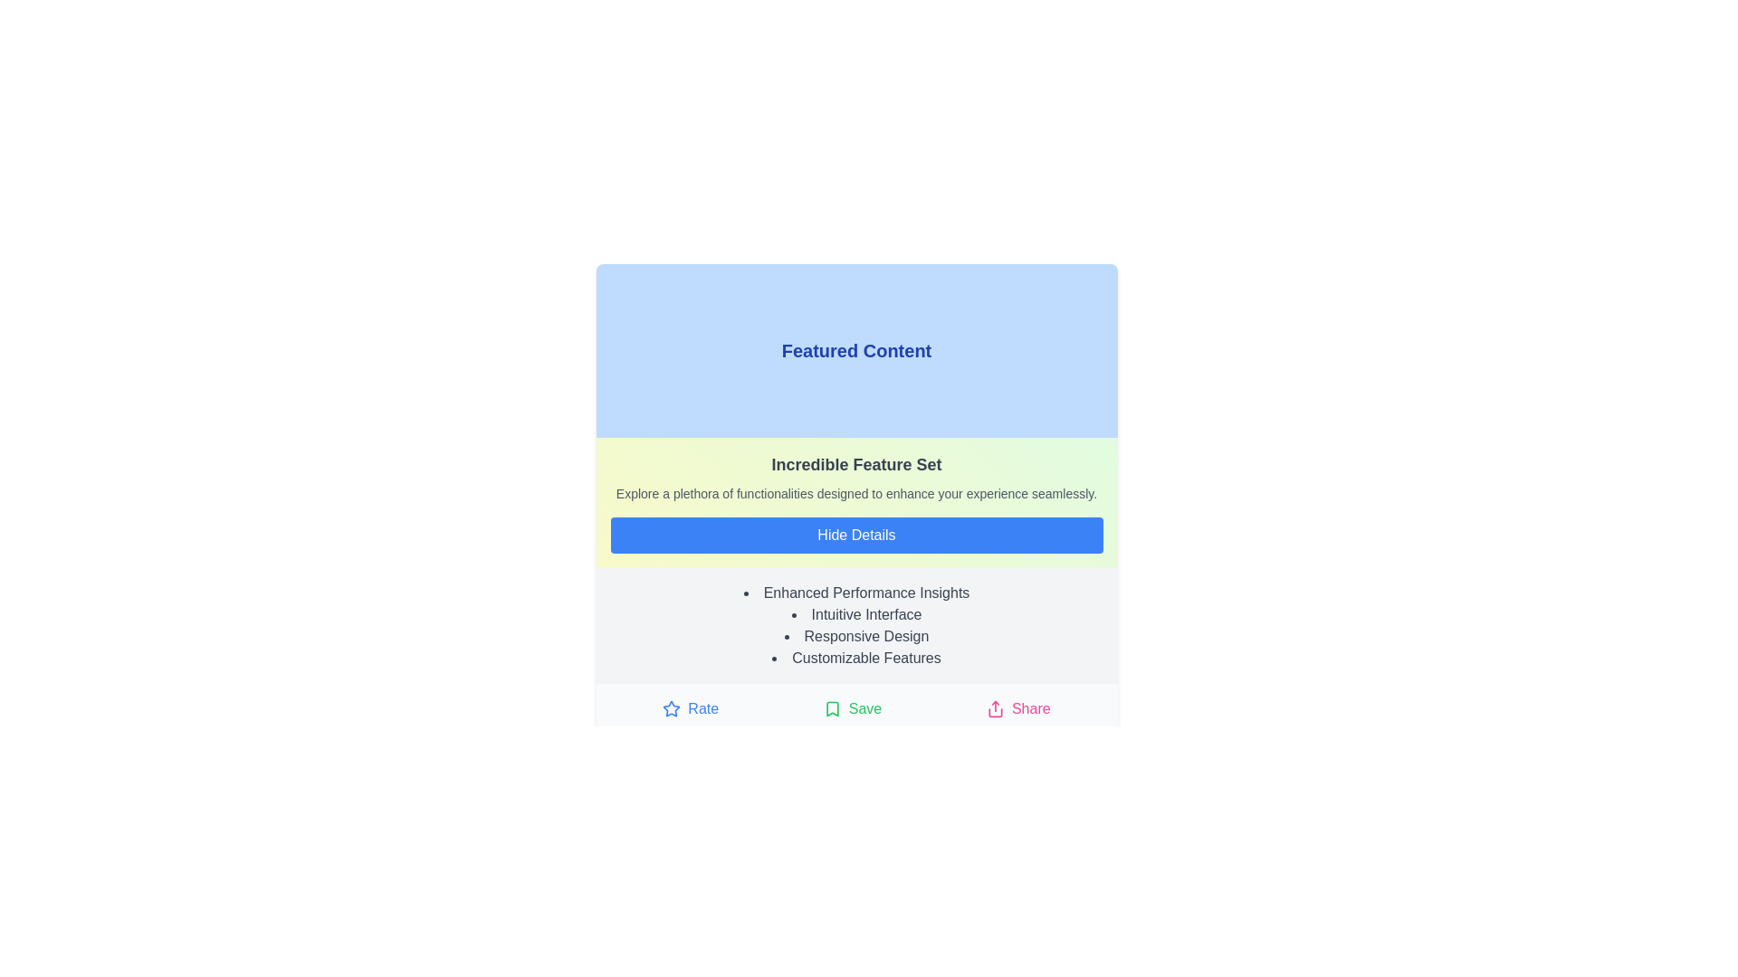 The width and height of the screenshot is (1738, 977). I want to click on the 'Hide Details' button located in the Informative Section with Actionable Button, which presents a title and description of a featured feature set, so click(855, 498).